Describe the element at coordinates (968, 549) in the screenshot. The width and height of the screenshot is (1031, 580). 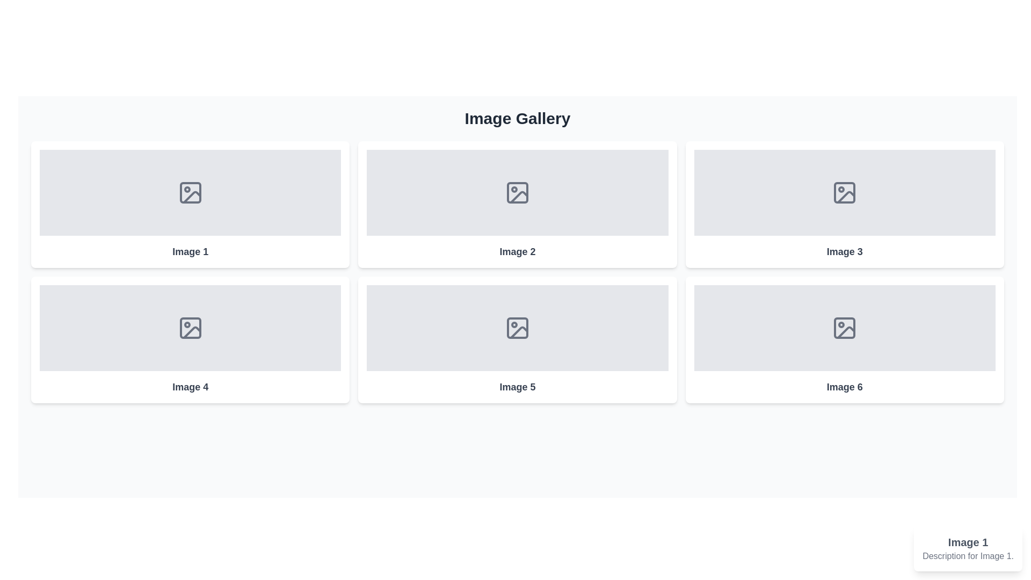
I see `the Informational Card displaying the title 'Image 1' with a description 'Description for Image 1.' located at the bottom-right corner of the interface` at that location.